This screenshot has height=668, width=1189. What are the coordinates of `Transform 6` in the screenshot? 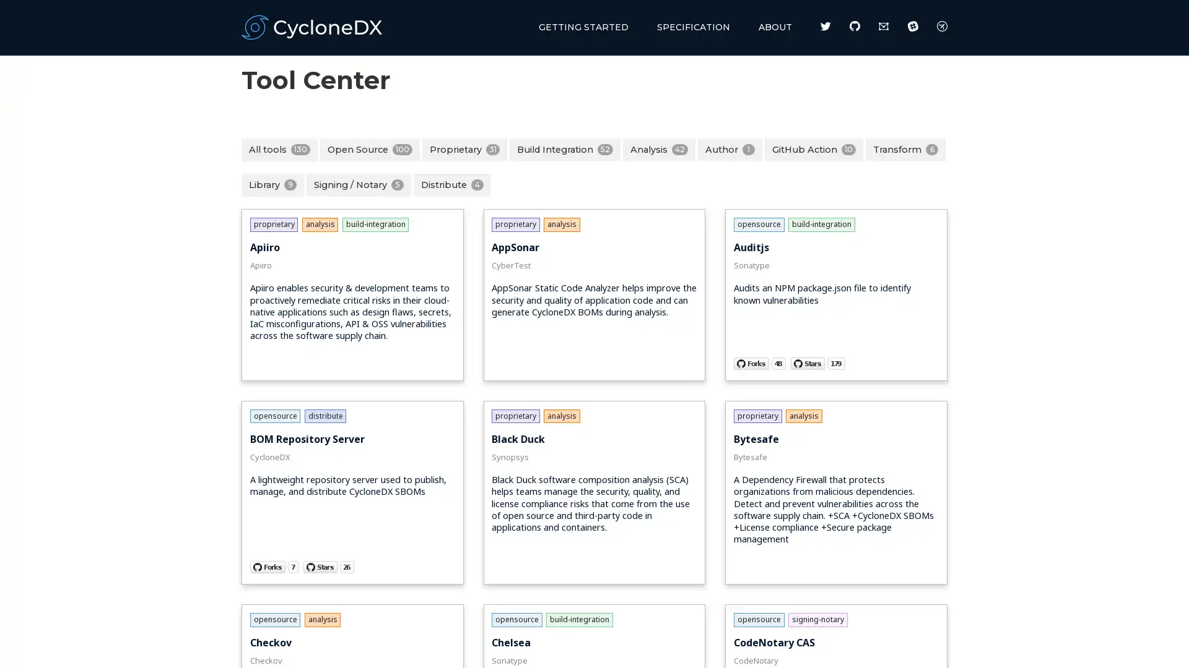 It's located at (905, 148).